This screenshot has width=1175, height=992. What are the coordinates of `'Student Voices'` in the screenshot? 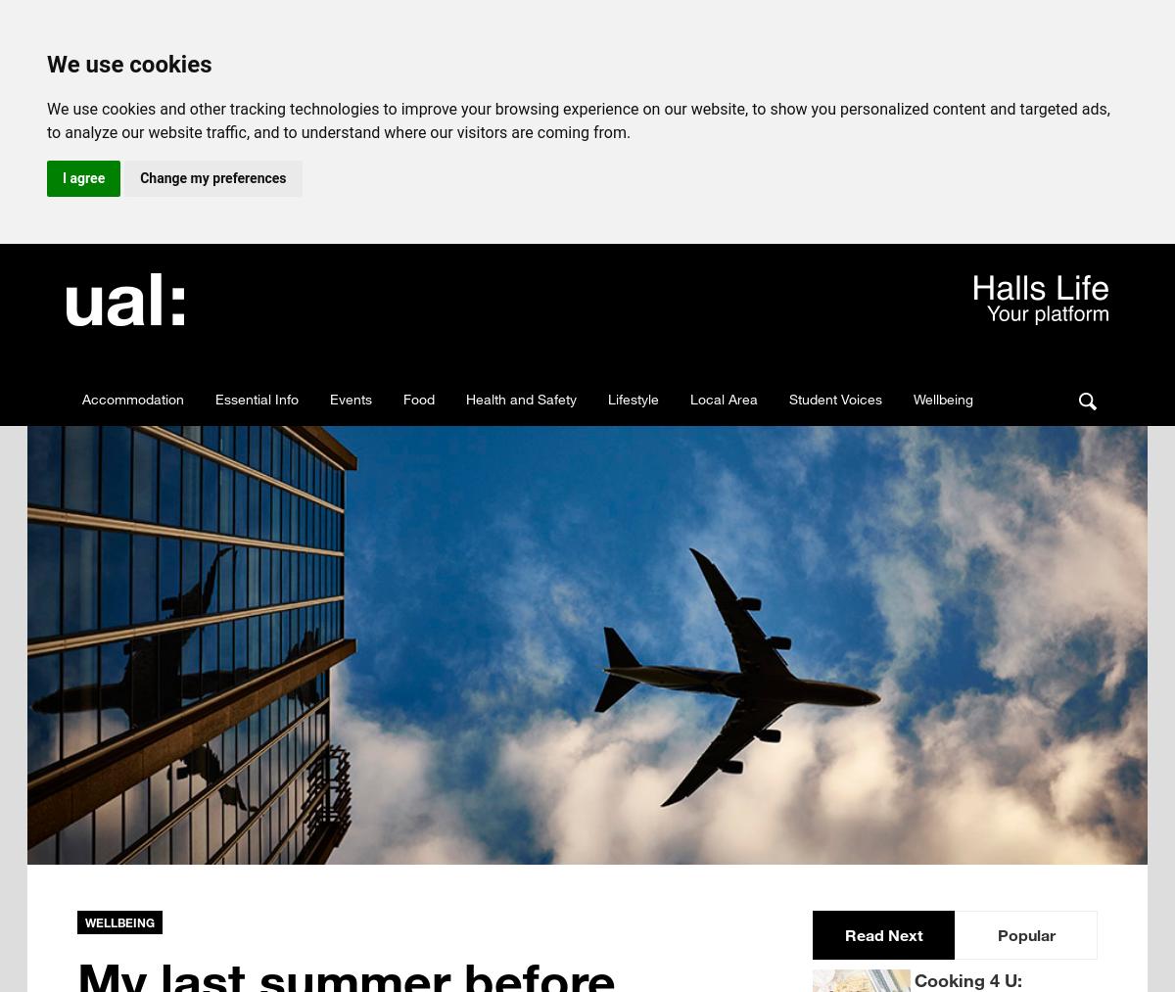 It's located at (834, 398).